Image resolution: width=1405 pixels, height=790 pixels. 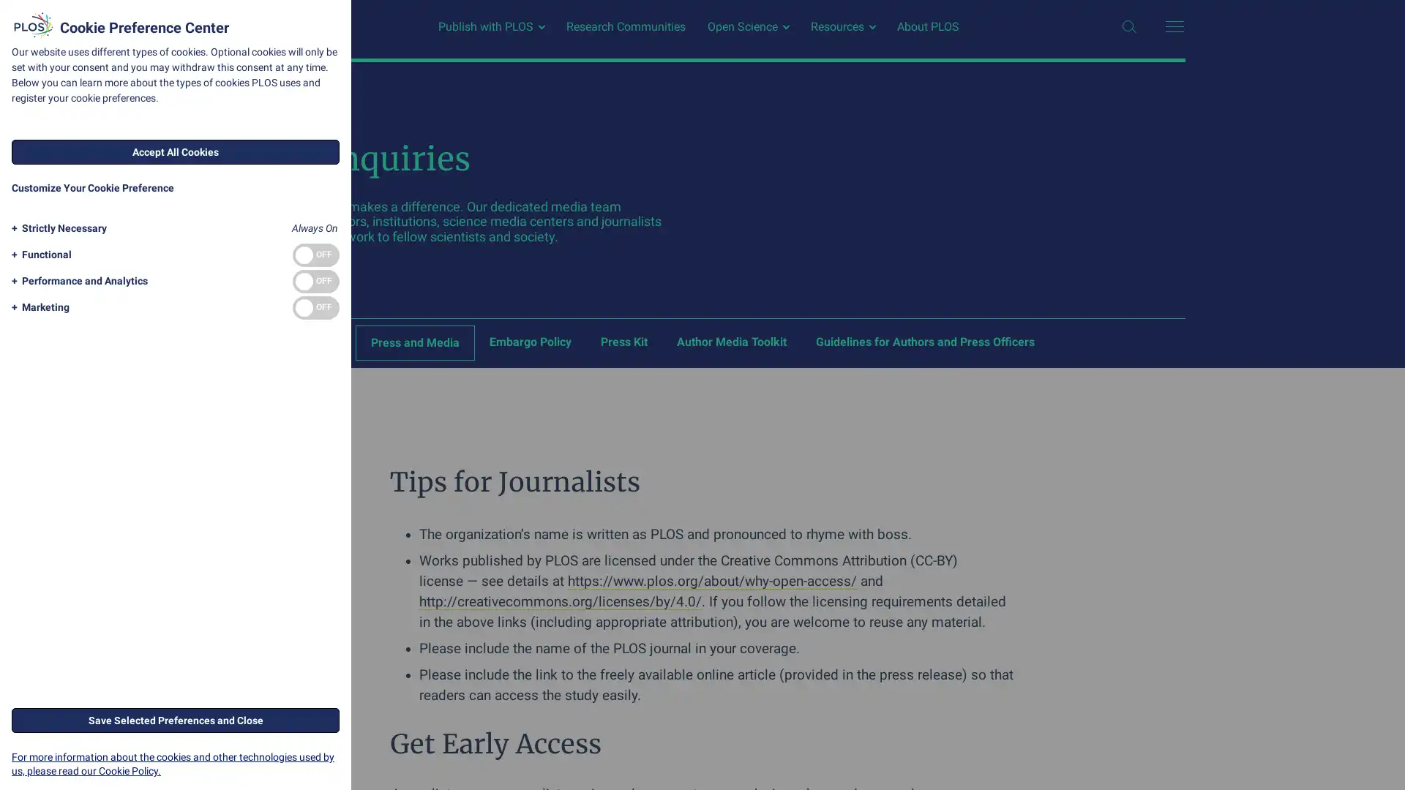 I want to click on Toggle explanation of Marketing Cookies., so click(x=38, y=306).